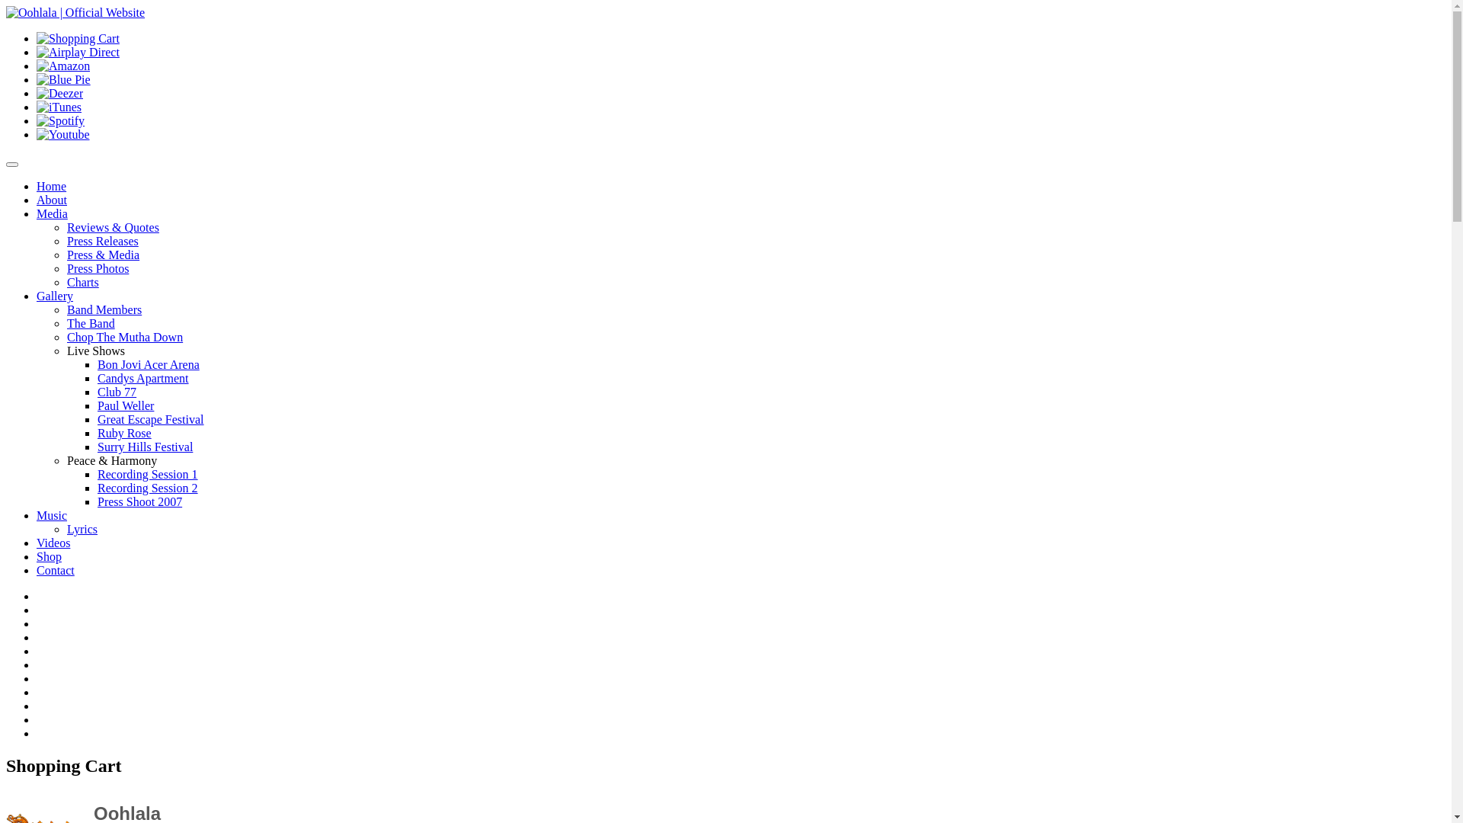 This screenshot has height=823, width=1463. What do you see at coordinates (97, 267) in the screenshot?
I see `'Press Photos'` at bounding box center [97, 267].